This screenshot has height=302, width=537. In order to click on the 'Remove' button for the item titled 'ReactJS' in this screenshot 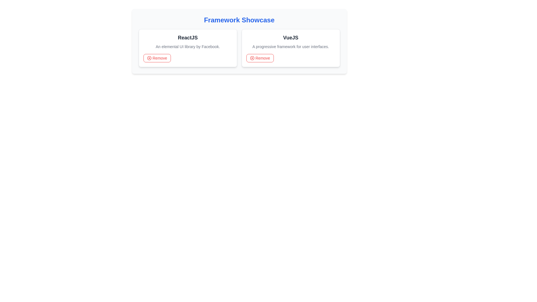, I will do `click(157, 58)`.